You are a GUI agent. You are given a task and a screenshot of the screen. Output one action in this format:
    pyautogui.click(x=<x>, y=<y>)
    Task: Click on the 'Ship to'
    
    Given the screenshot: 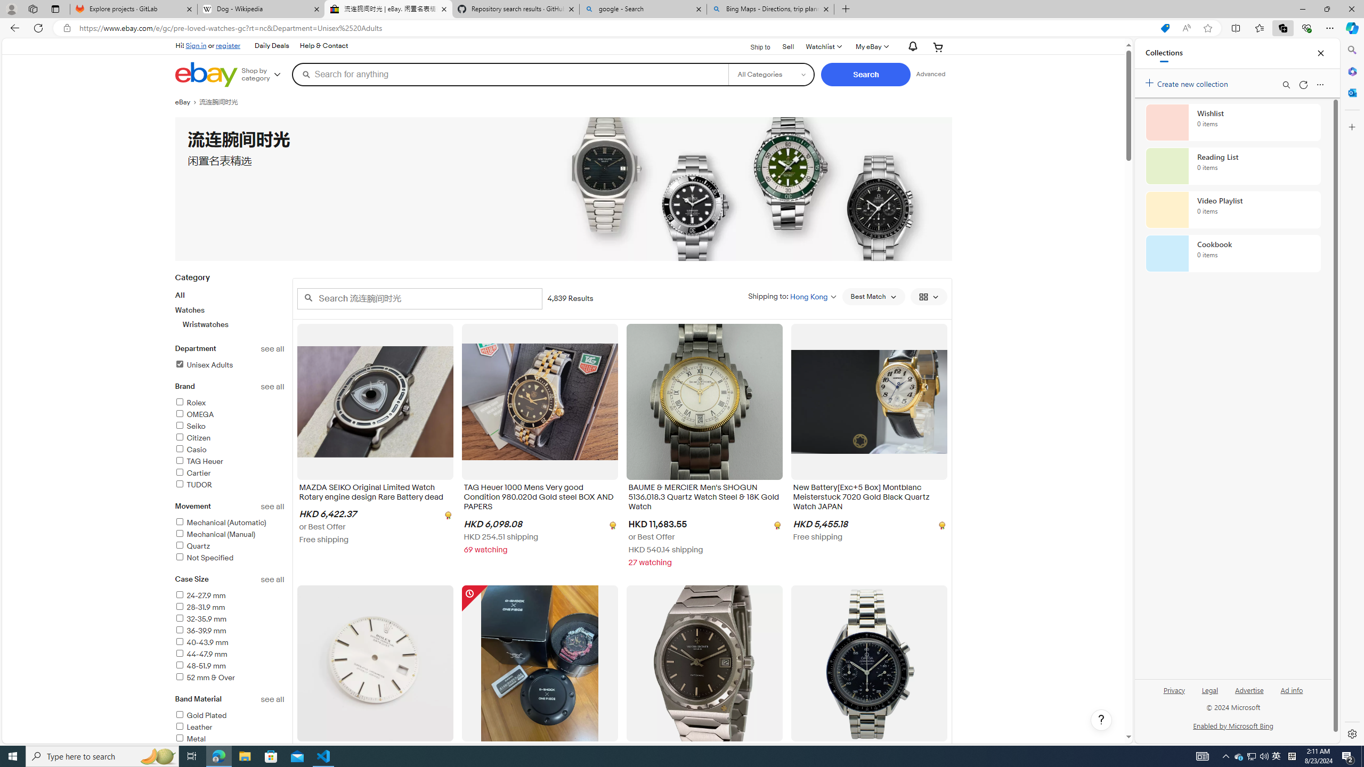 What is the action you would take?
    pyautogui.click(x=753, y=47)
    